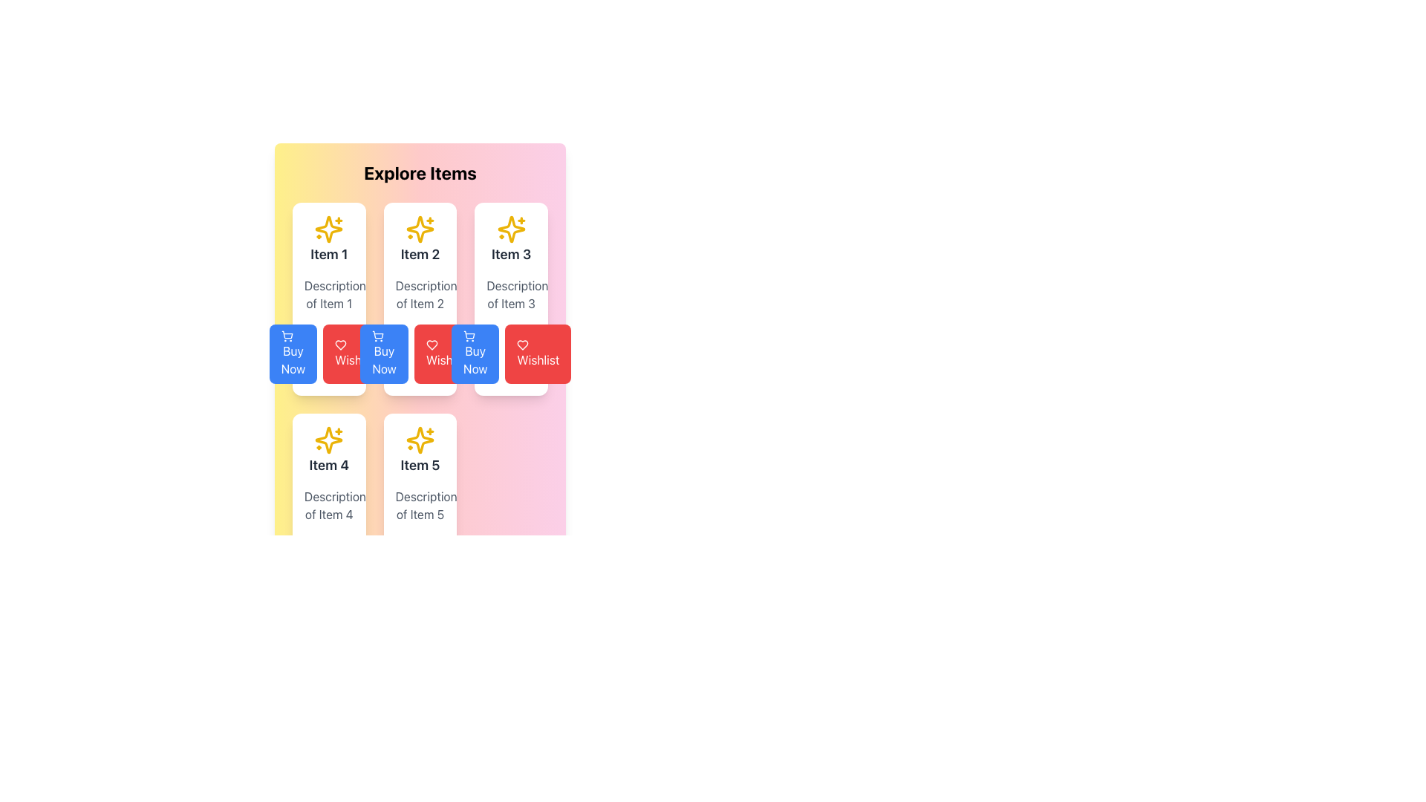  I want to click on the 'Add to Wishlist' button located in the bottom row of the card labeled 'Item 1', which is the rightmost of two horizontally aligned buttons, so click(328, 354).